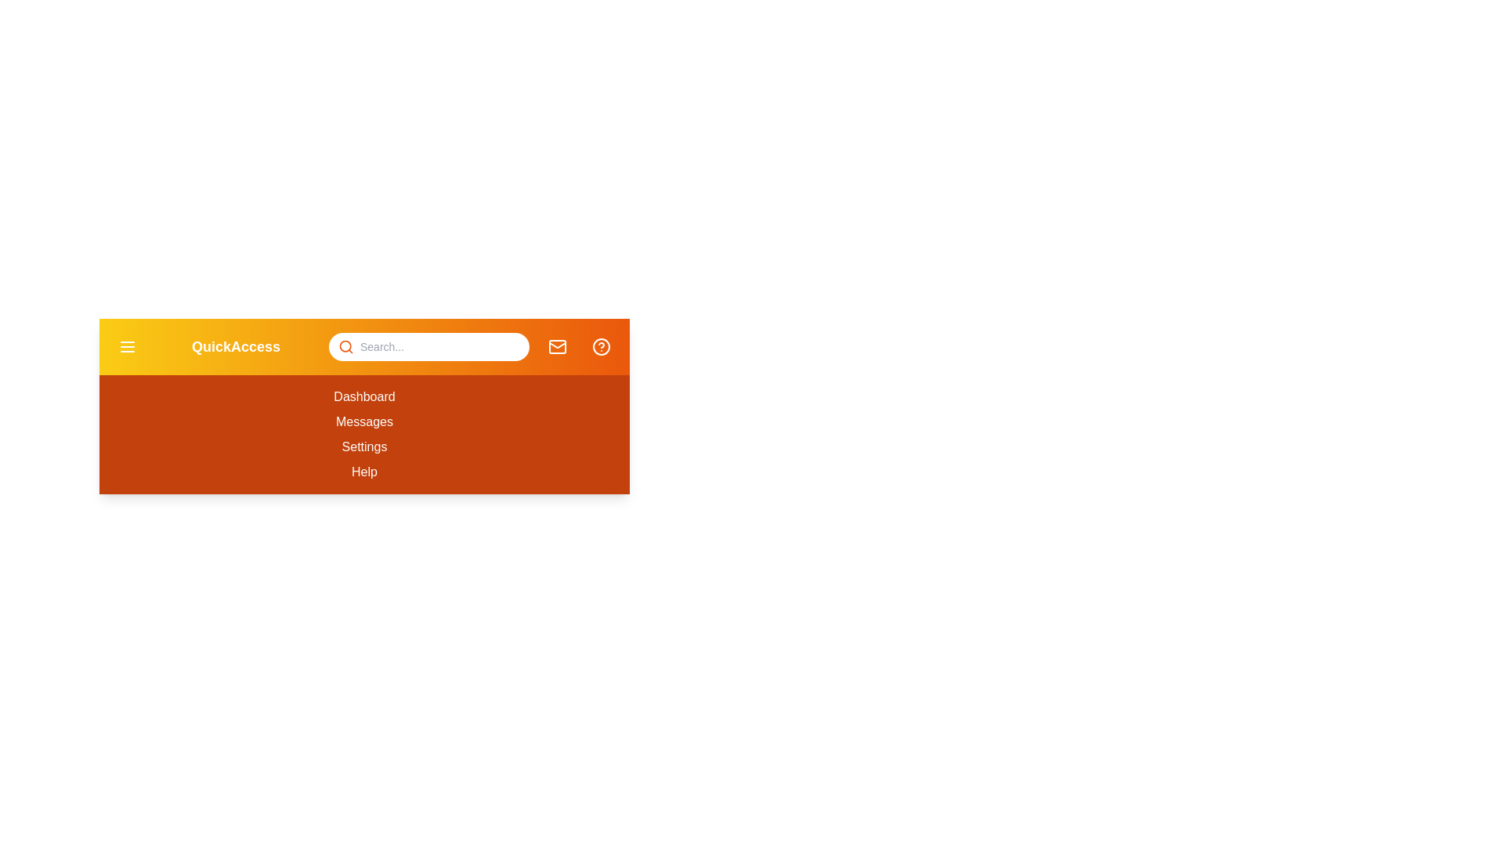  What do you see at coordinates (601, 346) in the screenshot?
I see `the help button located on the rightmost side of the navigation bar, which is the third button in the row` at bounding box center [601, 346].